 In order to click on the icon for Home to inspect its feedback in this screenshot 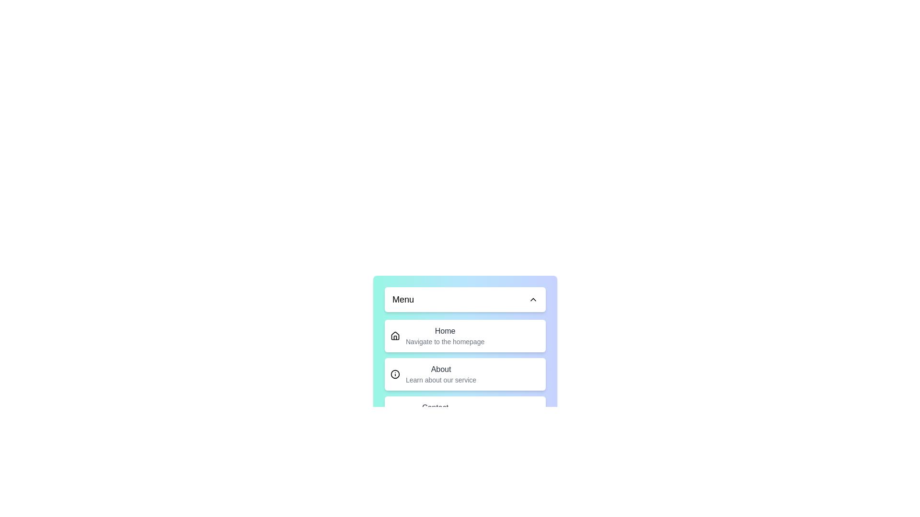, I will do `click(395, 336)`.